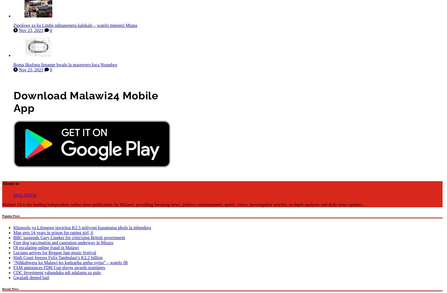 The image size is (447, 293). I want to click on '24', so click(34, 194).